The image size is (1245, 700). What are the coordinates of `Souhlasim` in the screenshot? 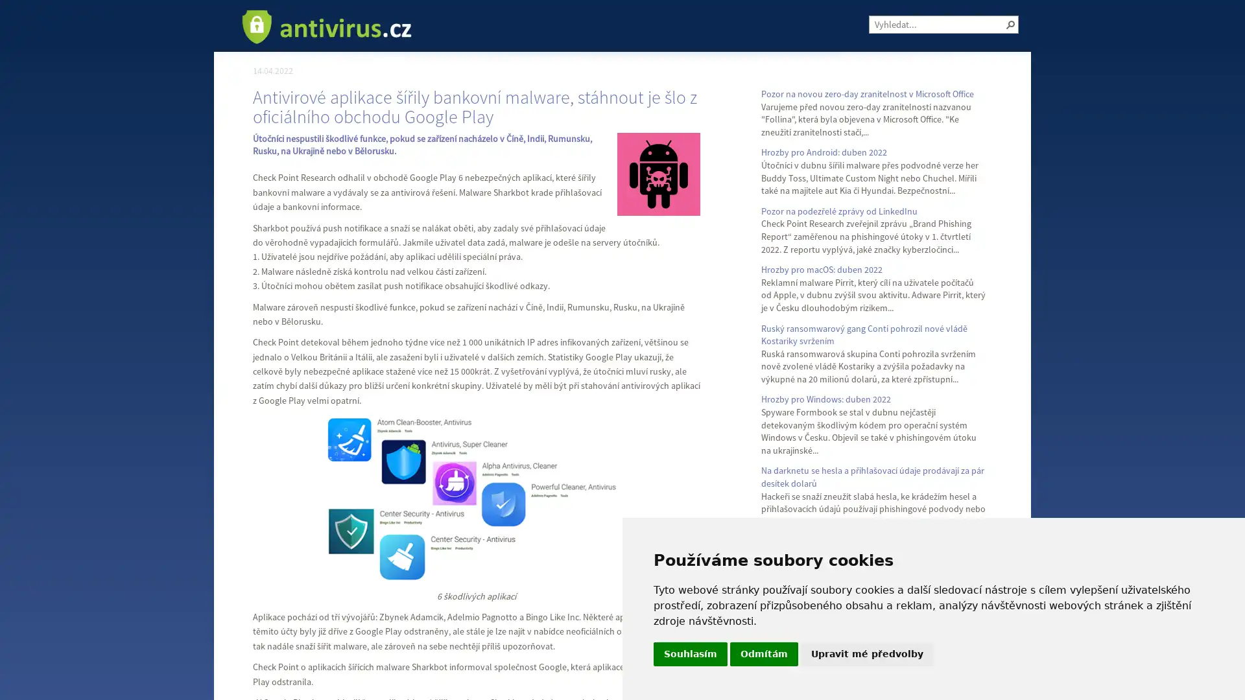 It's located at (690, 654).